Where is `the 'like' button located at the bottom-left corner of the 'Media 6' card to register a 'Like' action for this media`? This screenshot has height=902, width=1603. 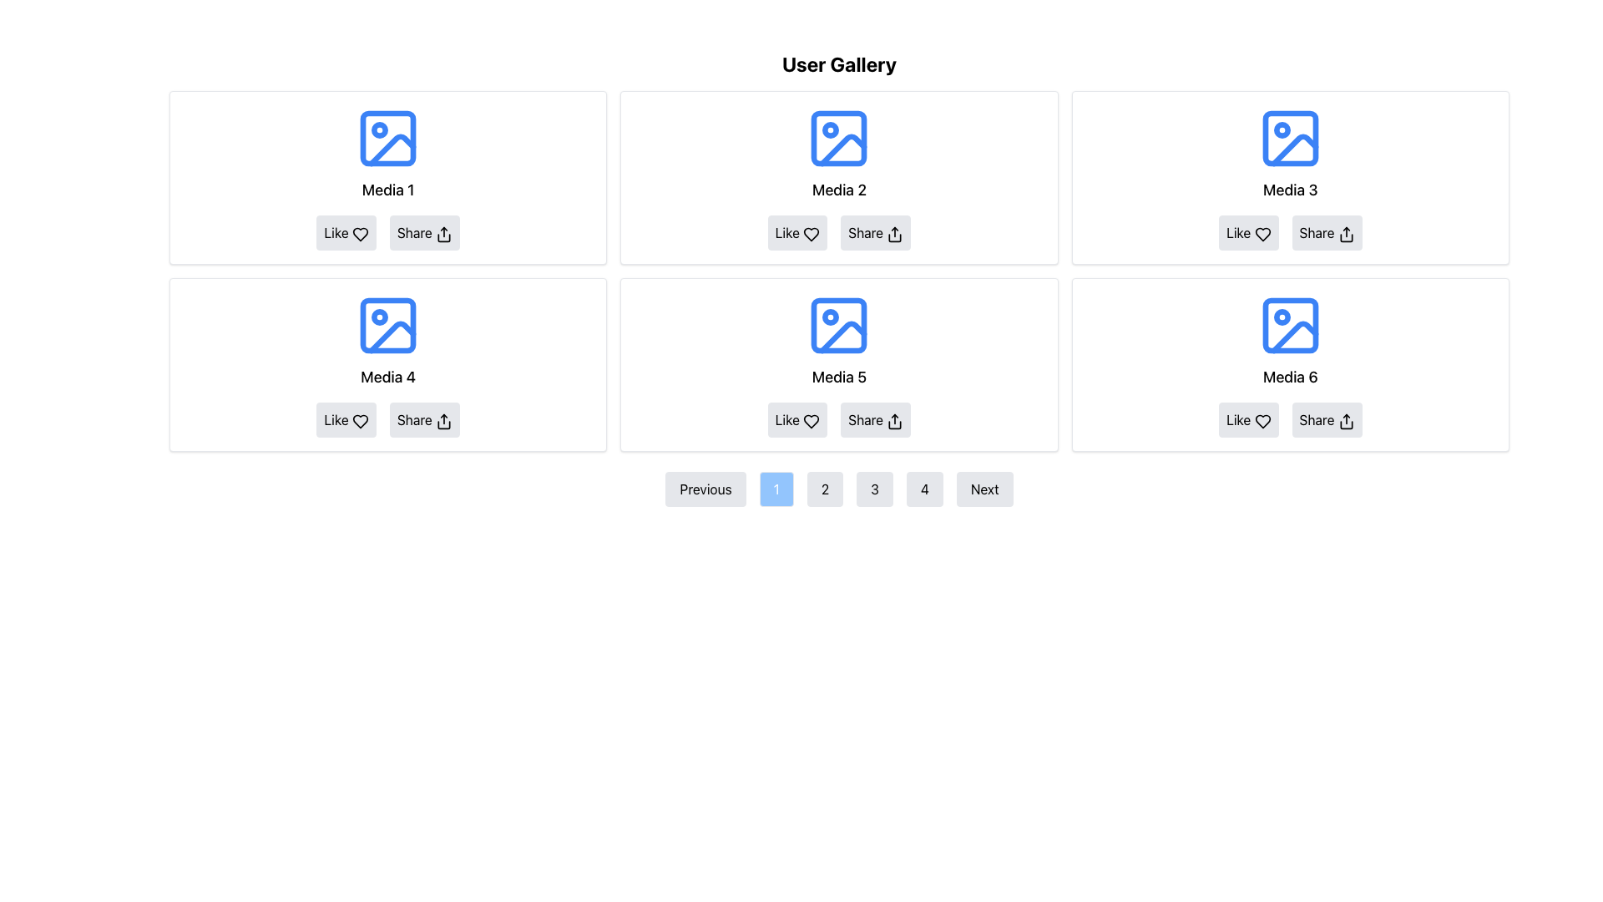 the 'like' button located at the bottom-left corner of the 'Media 6' card to register a 'Like' action for this media is located at coordinates (1248, 418).